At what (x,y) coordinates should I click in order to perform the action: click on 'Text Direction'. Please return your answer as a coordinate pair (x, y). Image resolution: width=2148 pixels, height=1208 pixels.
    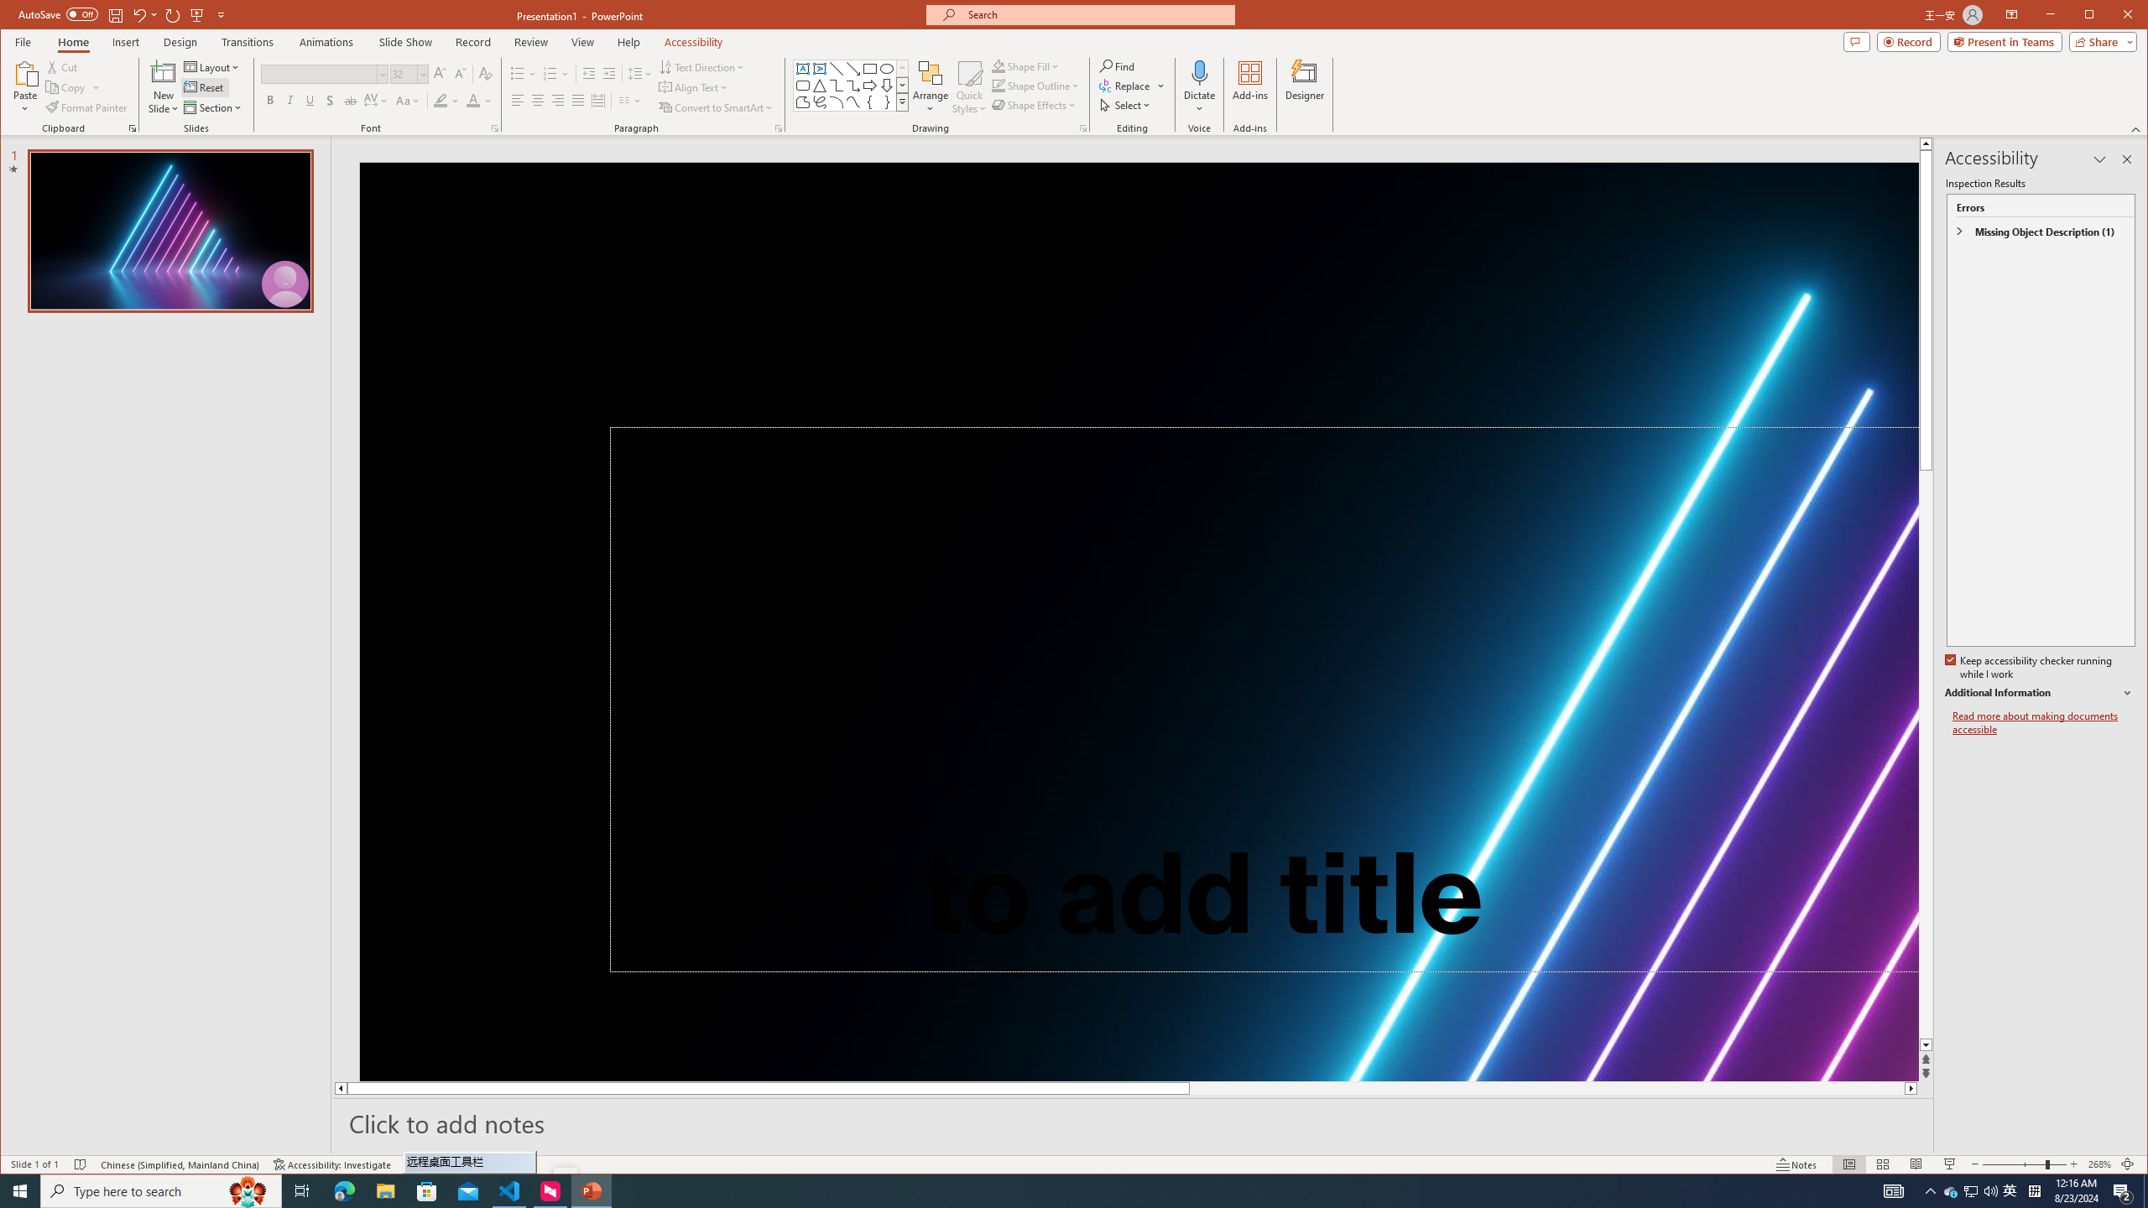
    Looking at the image, I should click on (701, 67).